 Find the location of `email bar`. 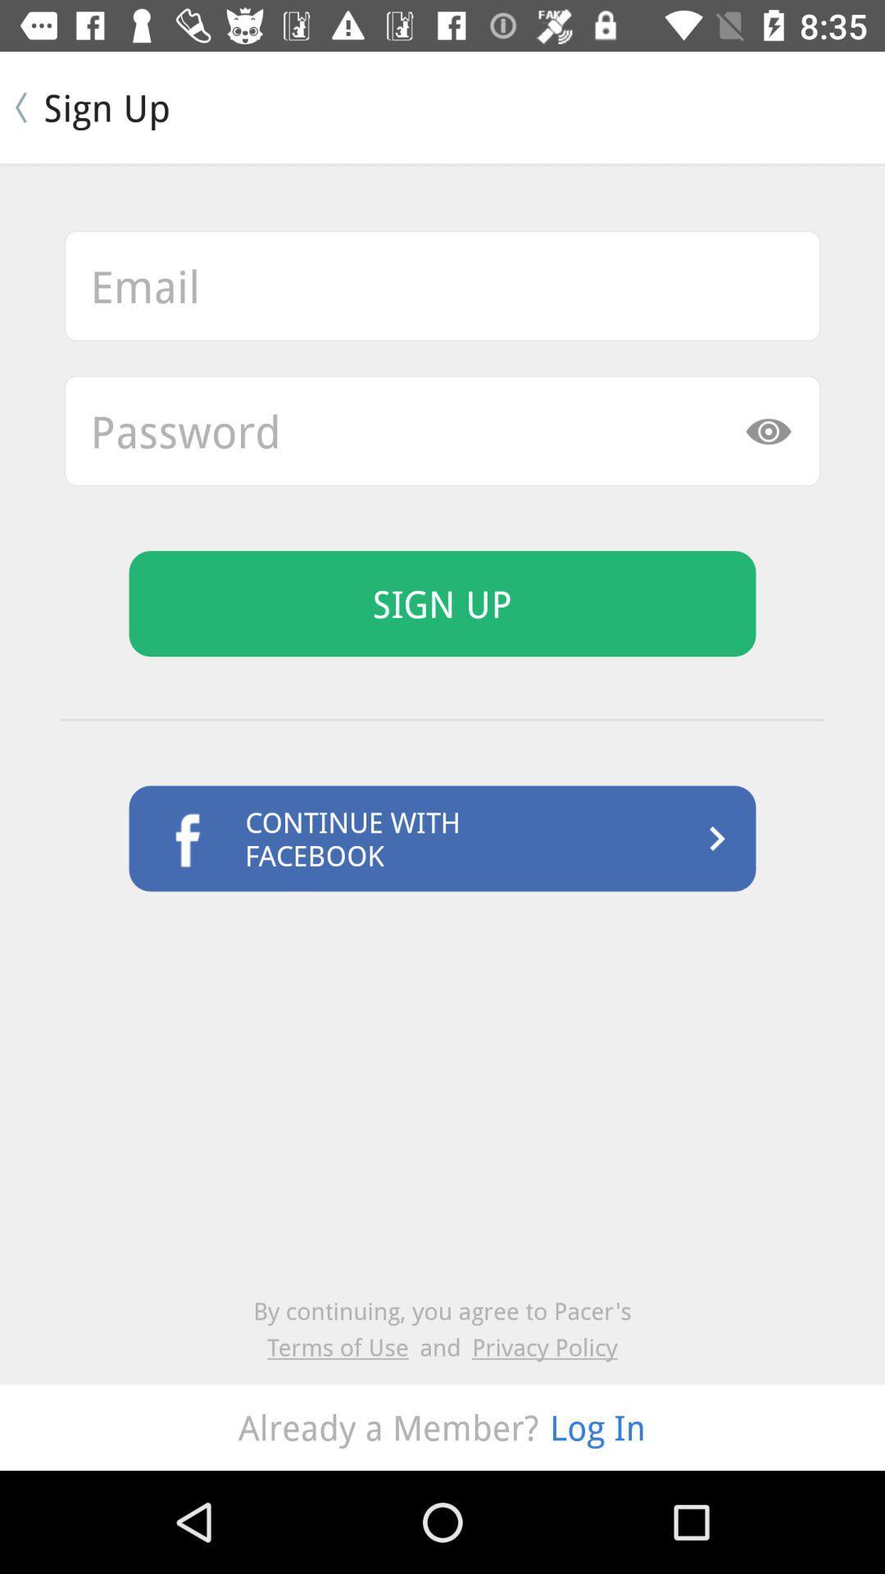

email bar is located at coordinates (442, 285).